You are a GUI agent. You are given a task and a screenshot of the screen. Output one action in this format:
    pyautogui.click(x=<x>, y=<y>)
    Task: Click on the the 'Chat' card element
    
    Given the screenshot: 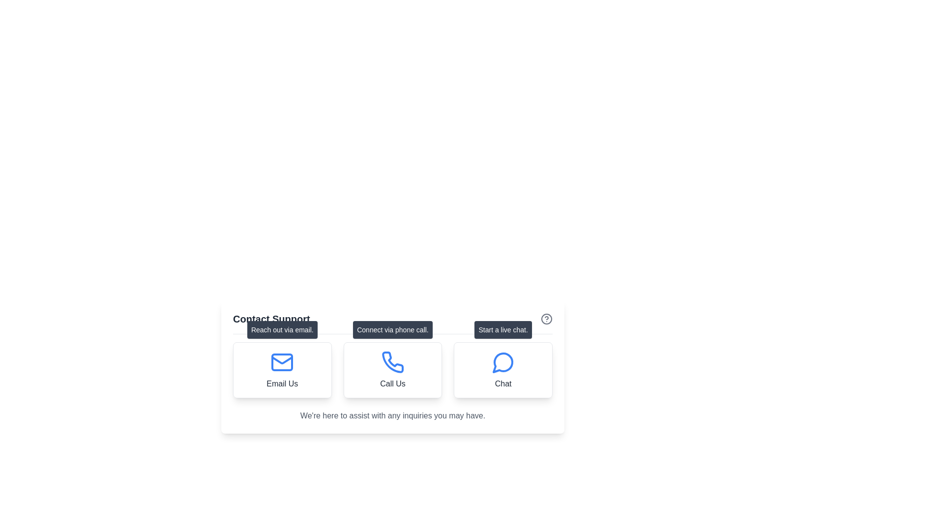 What is the action you would take?
    pyautogui.click(x=503, y=370)
    